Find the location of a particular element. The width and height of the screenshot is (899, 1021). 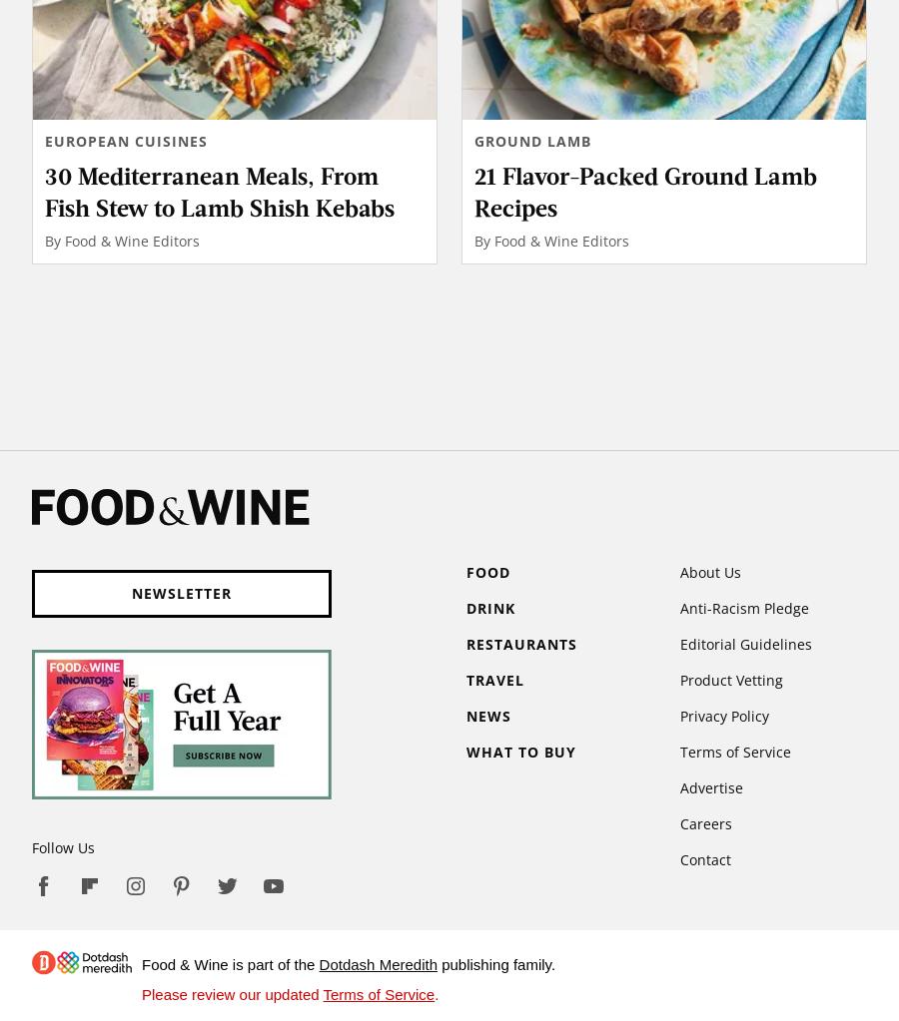

'Privacy Policy' is located at coordinates (723, 715).